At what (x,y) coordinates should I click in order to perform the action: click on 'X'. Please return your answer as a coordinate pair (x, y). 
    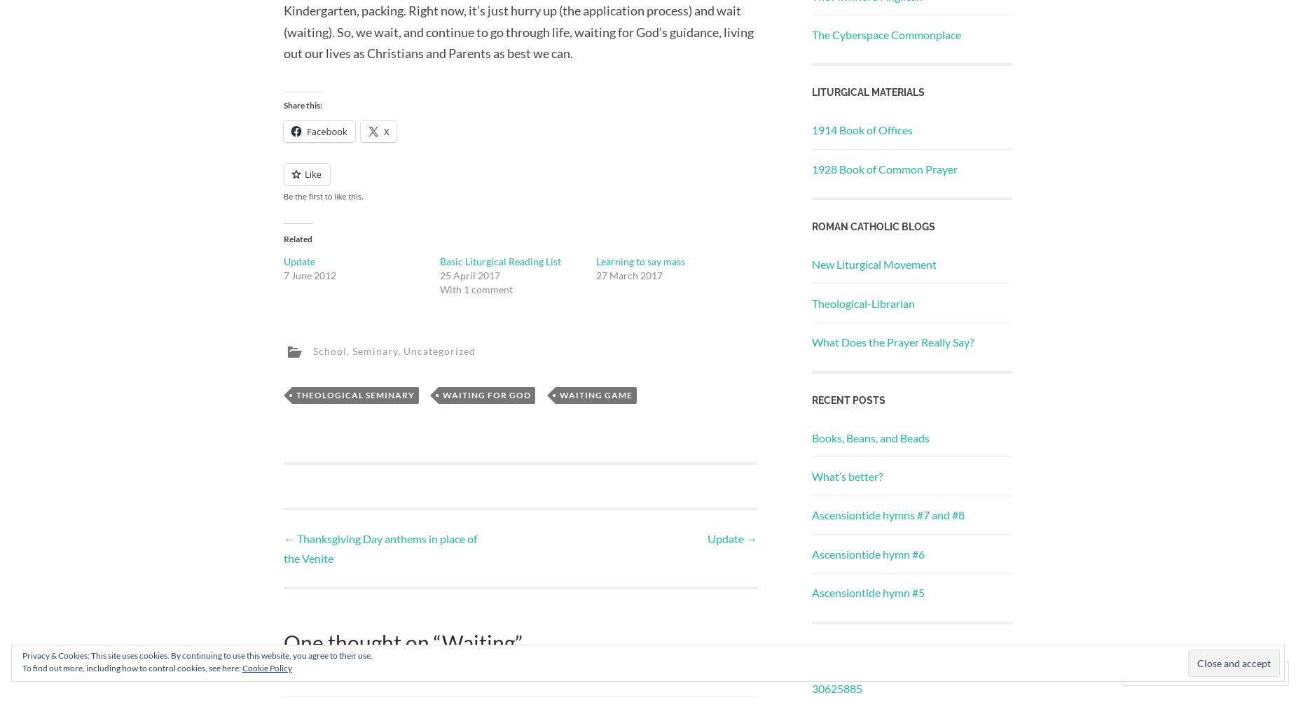
    Looking at the image, I should click on (385, 129).